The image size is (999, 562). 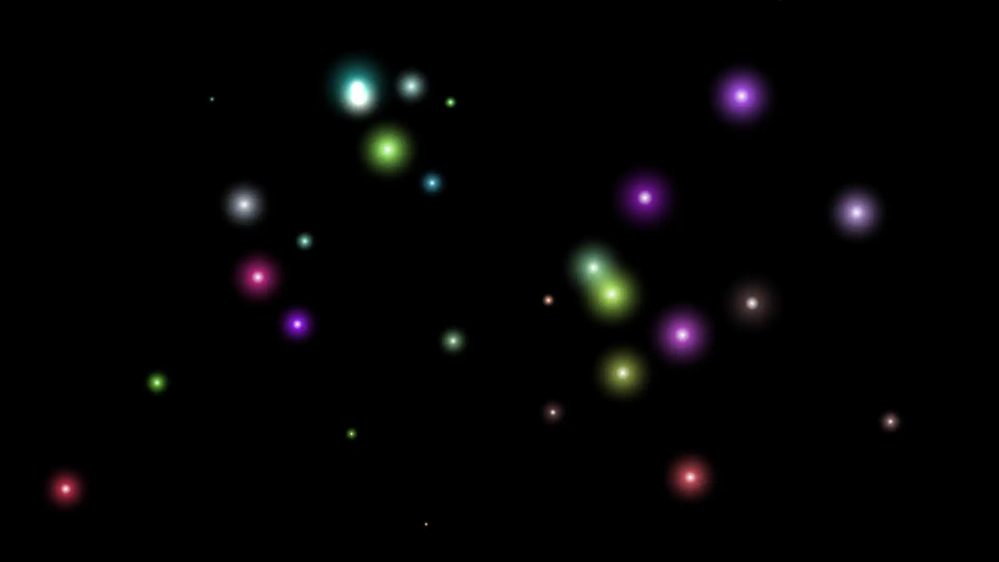 What do you see at coordinates (150, 10) in the screenshot?
I see `No sound` at bounding box center [150, 10].